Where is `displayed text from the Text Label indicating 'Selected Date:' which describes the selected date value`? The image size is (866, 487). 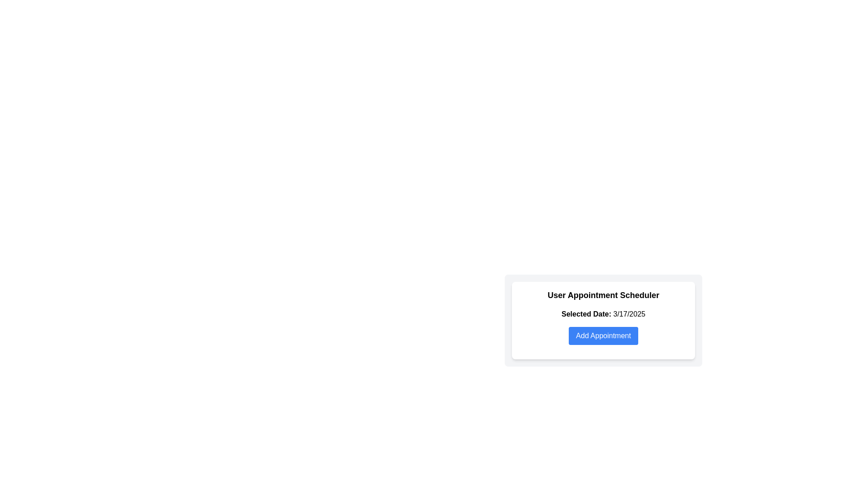
displayed text from the Text Label indicating 'Selected Date:' which describes the selected date value is located at coordinates (586, 313).